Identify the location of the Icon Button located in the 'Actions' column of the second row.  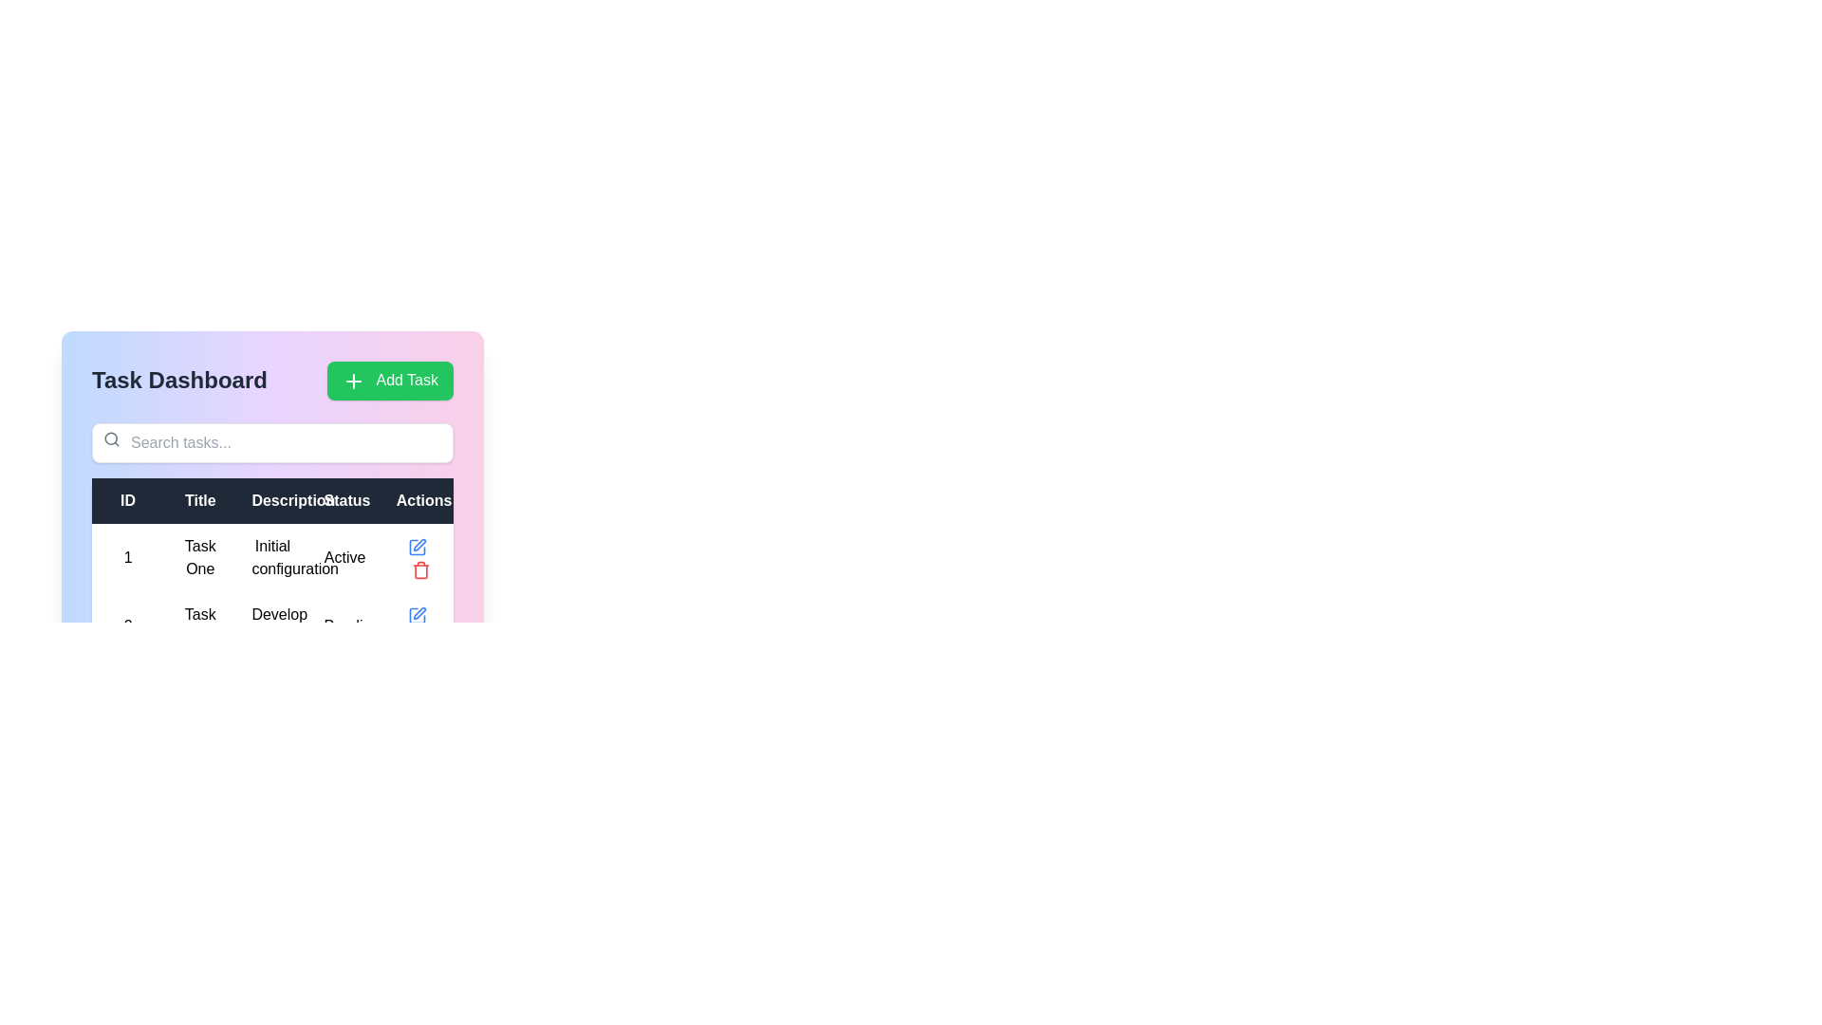
(416, 614).